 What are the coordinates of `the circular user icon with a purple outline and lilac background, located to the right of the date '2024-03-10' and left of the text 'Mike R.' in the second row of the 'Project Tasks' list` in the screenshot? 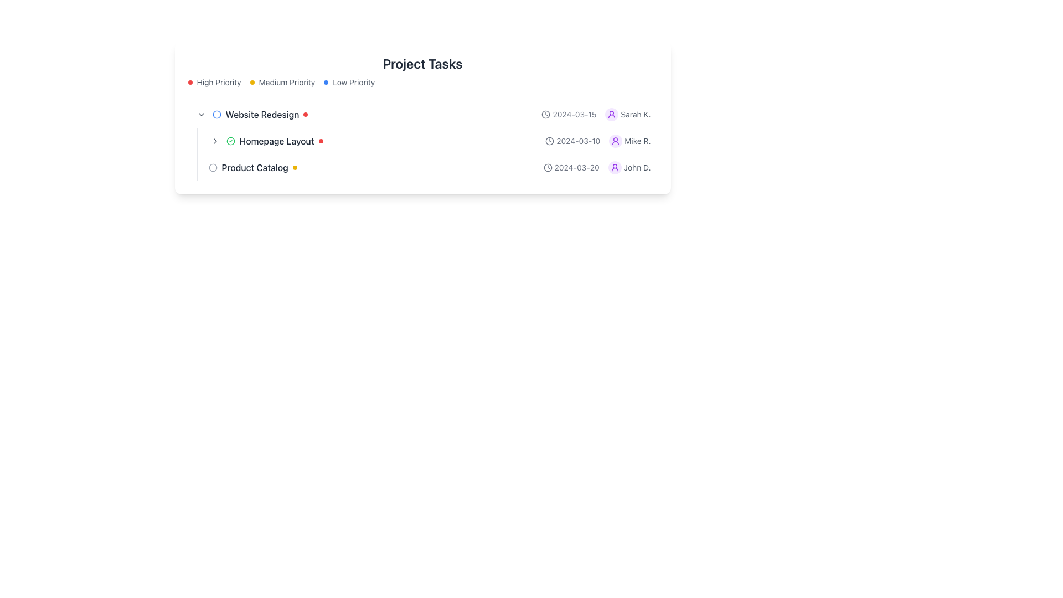 It's located at (615, 140).